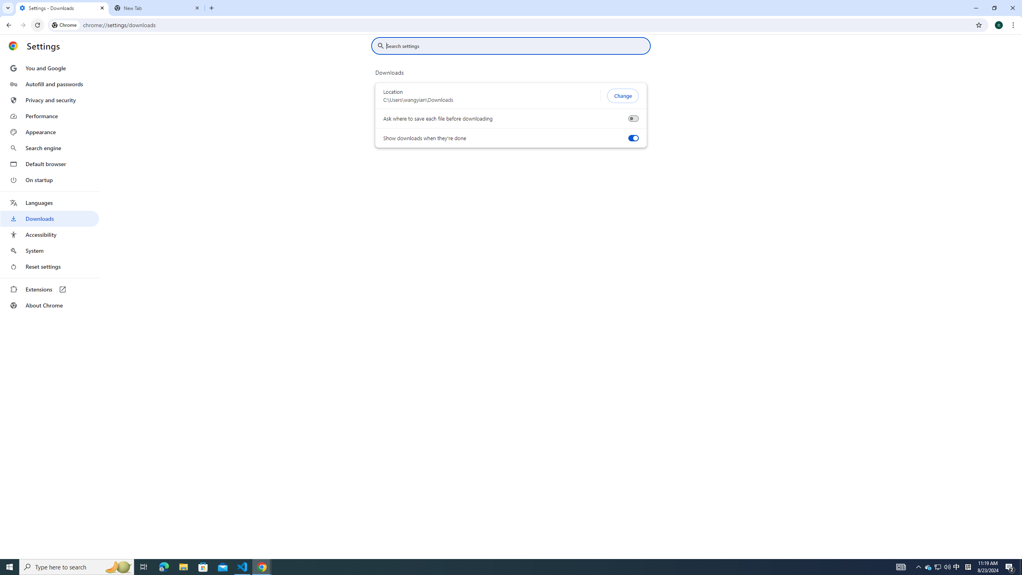 Image resolution: width=1022 pixels, height=575 pixels. Describe the element at coordinates (49, 234) in the screenshot. I see `'Accessibility'` at that location.